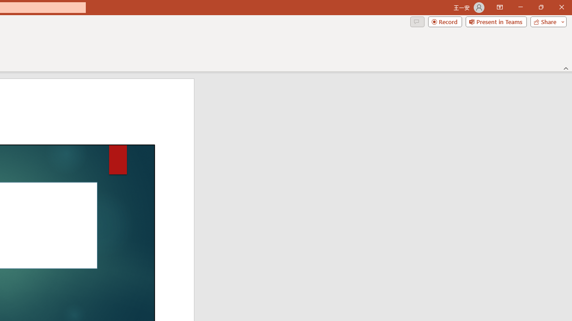 This screenshot has width=572, height=321. What do you see at coordinates (496, 21) in the screenshot?
I see `'Present in Teams'` at bounding box center [496, 21].